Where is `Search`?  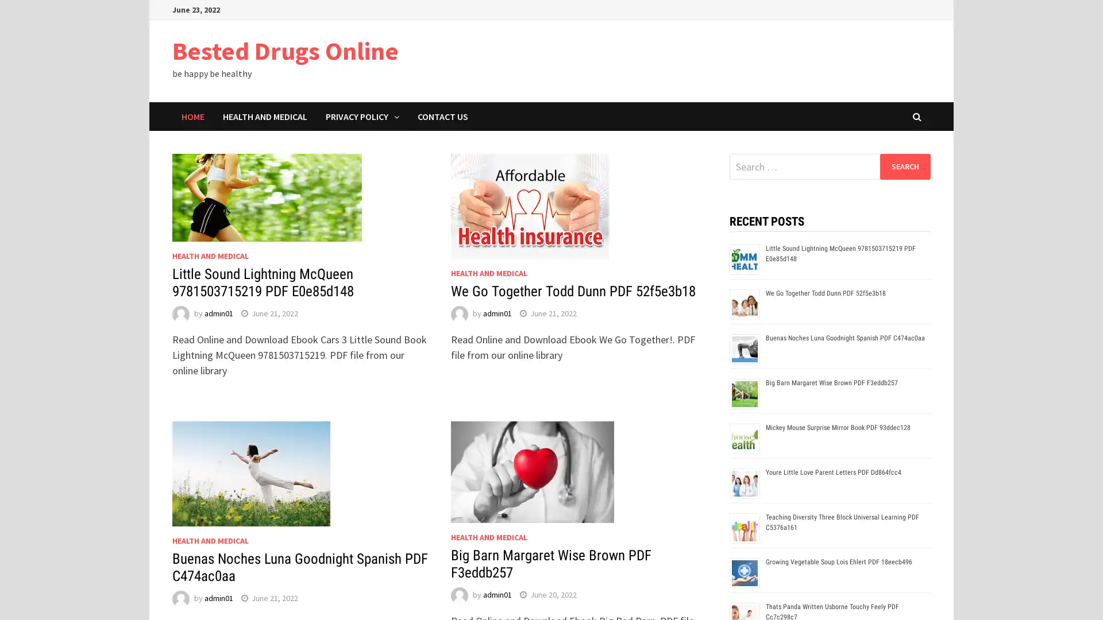
Search is located at coordinates (904, 166).